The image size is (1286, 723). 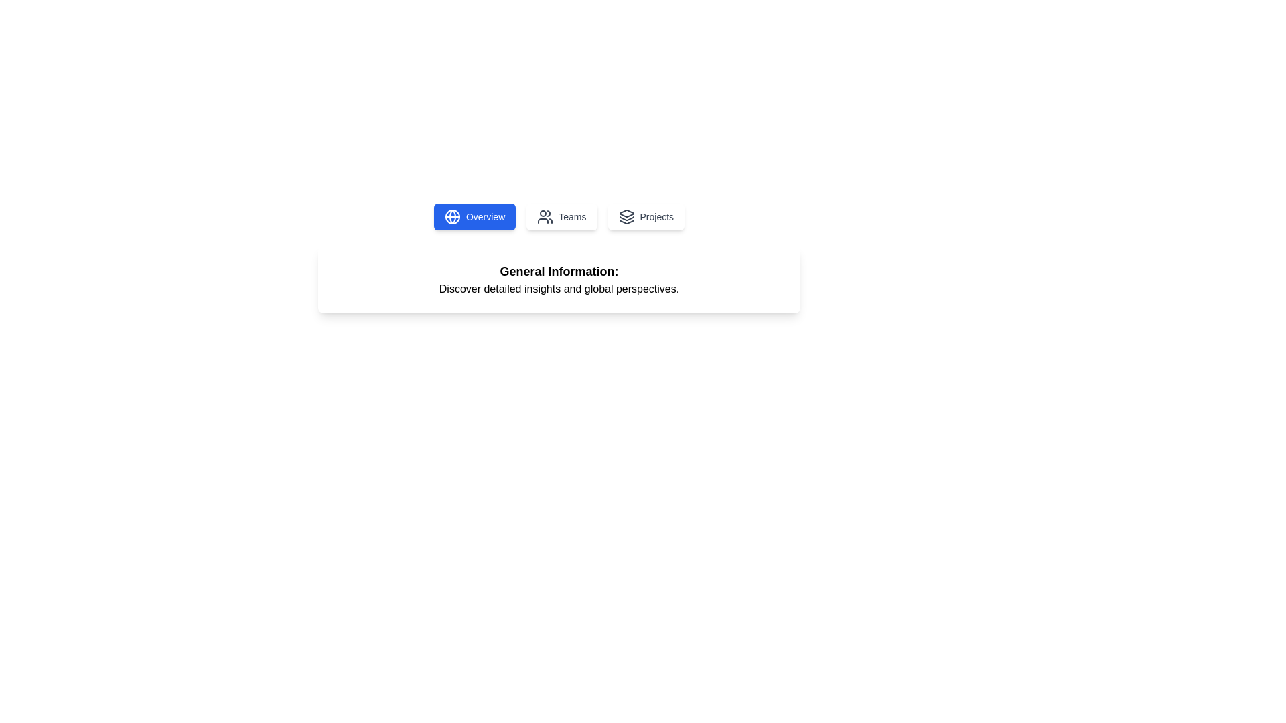 What do you see at coordinates (572, 216) in the screenshot?
I see `the 'Teams' label for accessibility navigation by moving the cursor to its position` at bounding box center [572, 216].